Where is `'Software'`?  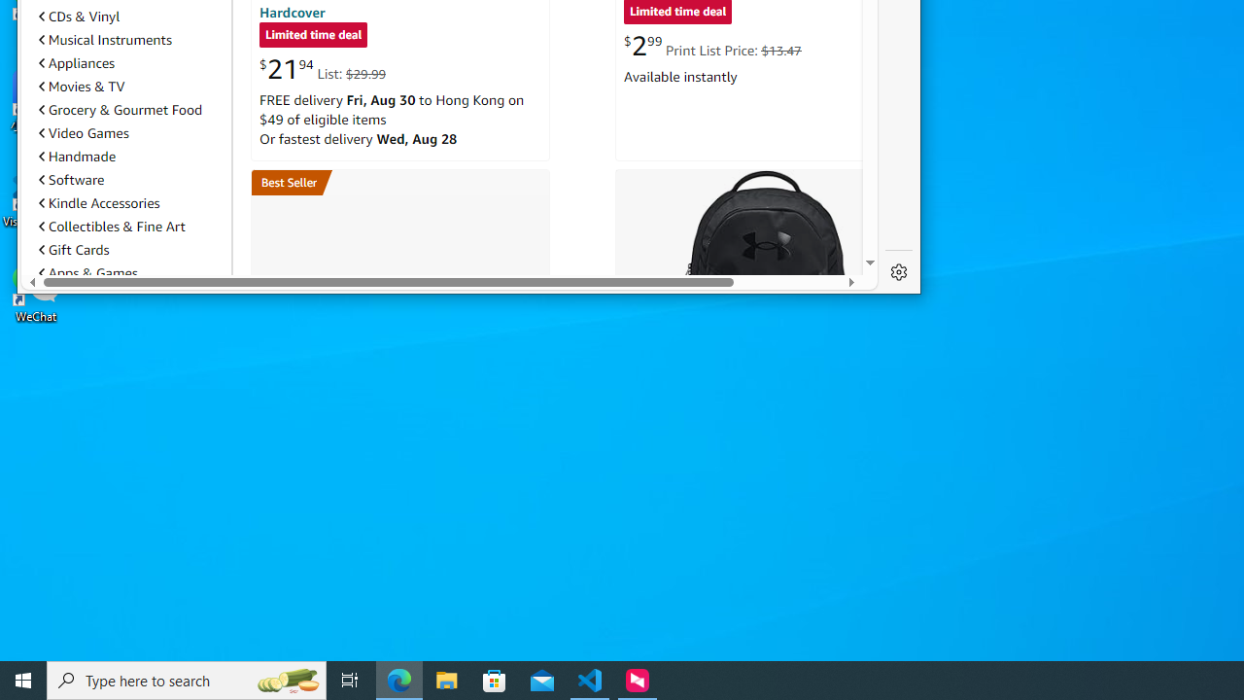
'Software' is located at coordinates (71, 179).